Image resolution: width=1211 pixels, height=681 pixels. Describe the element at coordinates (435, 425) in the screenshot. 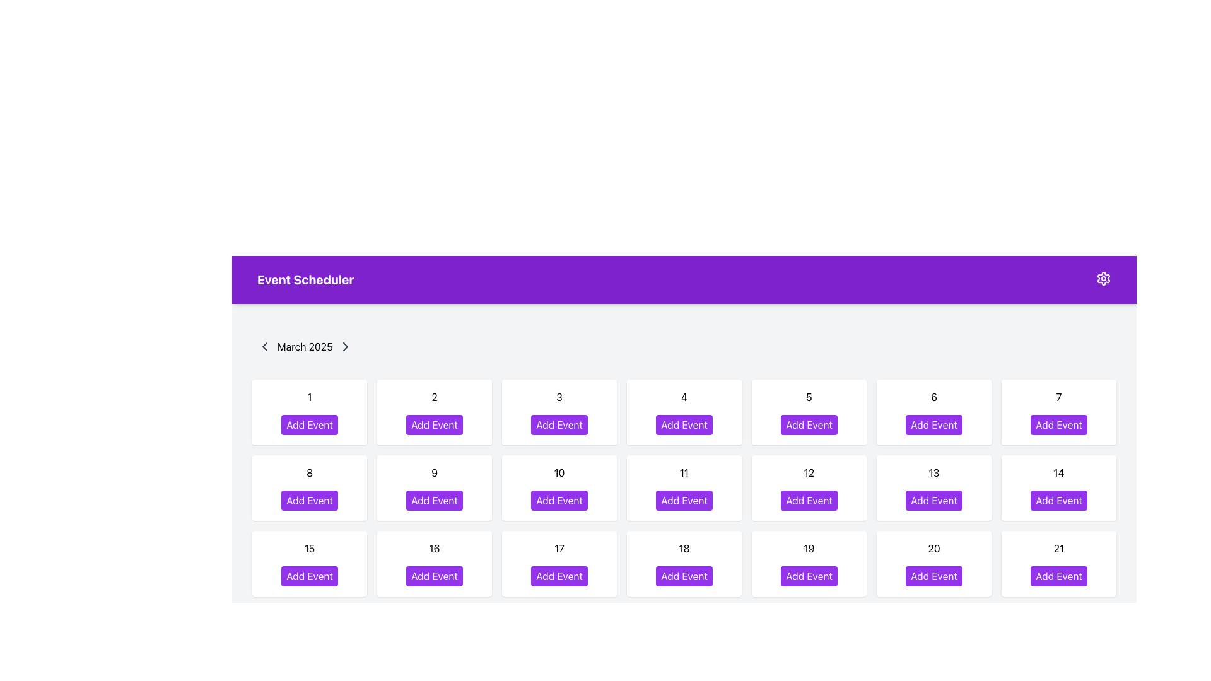

I see `the button located in the second column of the first row of the calendar interface to trigger a visual change` at that location.